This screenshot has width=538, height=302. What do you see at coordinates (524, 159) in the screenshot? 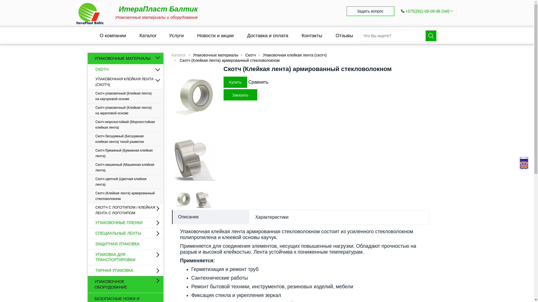
I see `'ru'` at bounding box center [524, 159].